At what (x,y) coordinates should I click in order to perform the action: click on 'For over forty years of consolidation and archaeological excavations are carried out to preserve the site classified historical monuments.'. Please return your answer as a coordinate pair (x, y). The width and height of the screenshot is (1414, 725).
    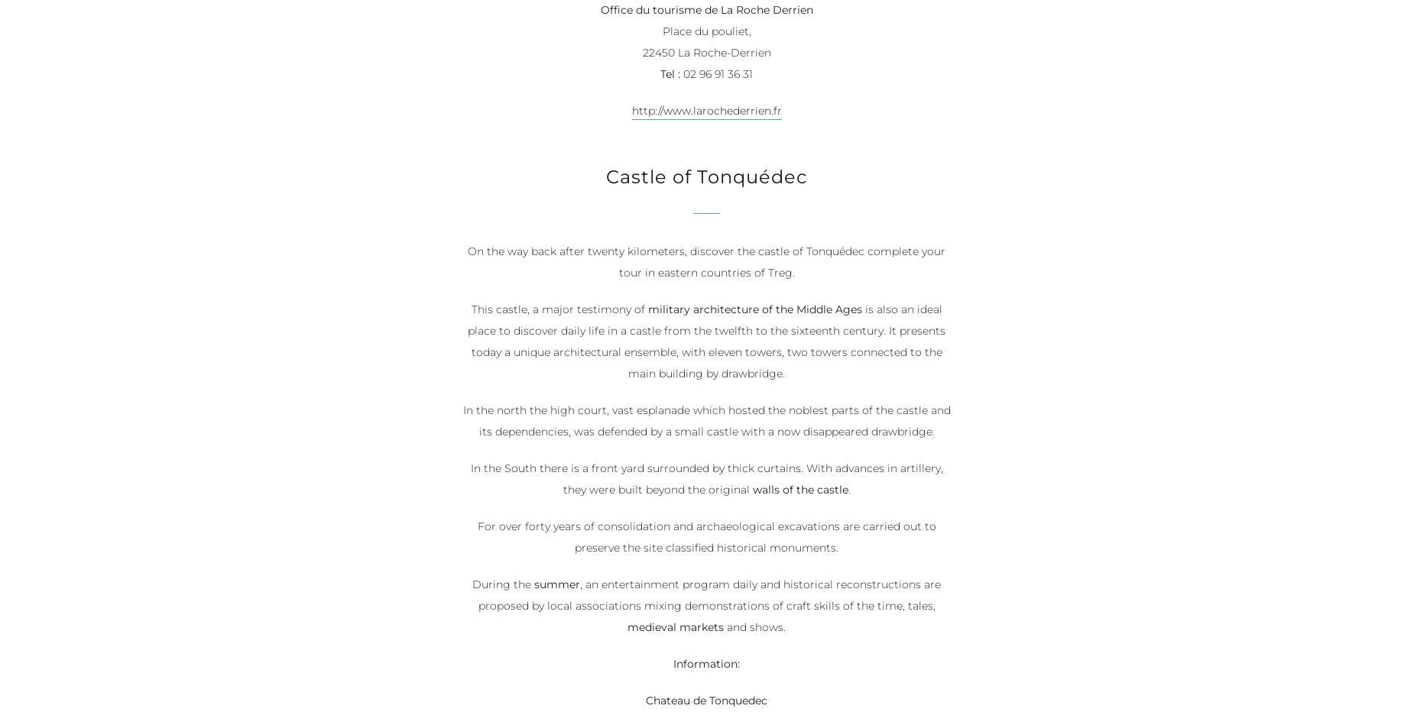
    Looking at the image, I should click on (706, 537).